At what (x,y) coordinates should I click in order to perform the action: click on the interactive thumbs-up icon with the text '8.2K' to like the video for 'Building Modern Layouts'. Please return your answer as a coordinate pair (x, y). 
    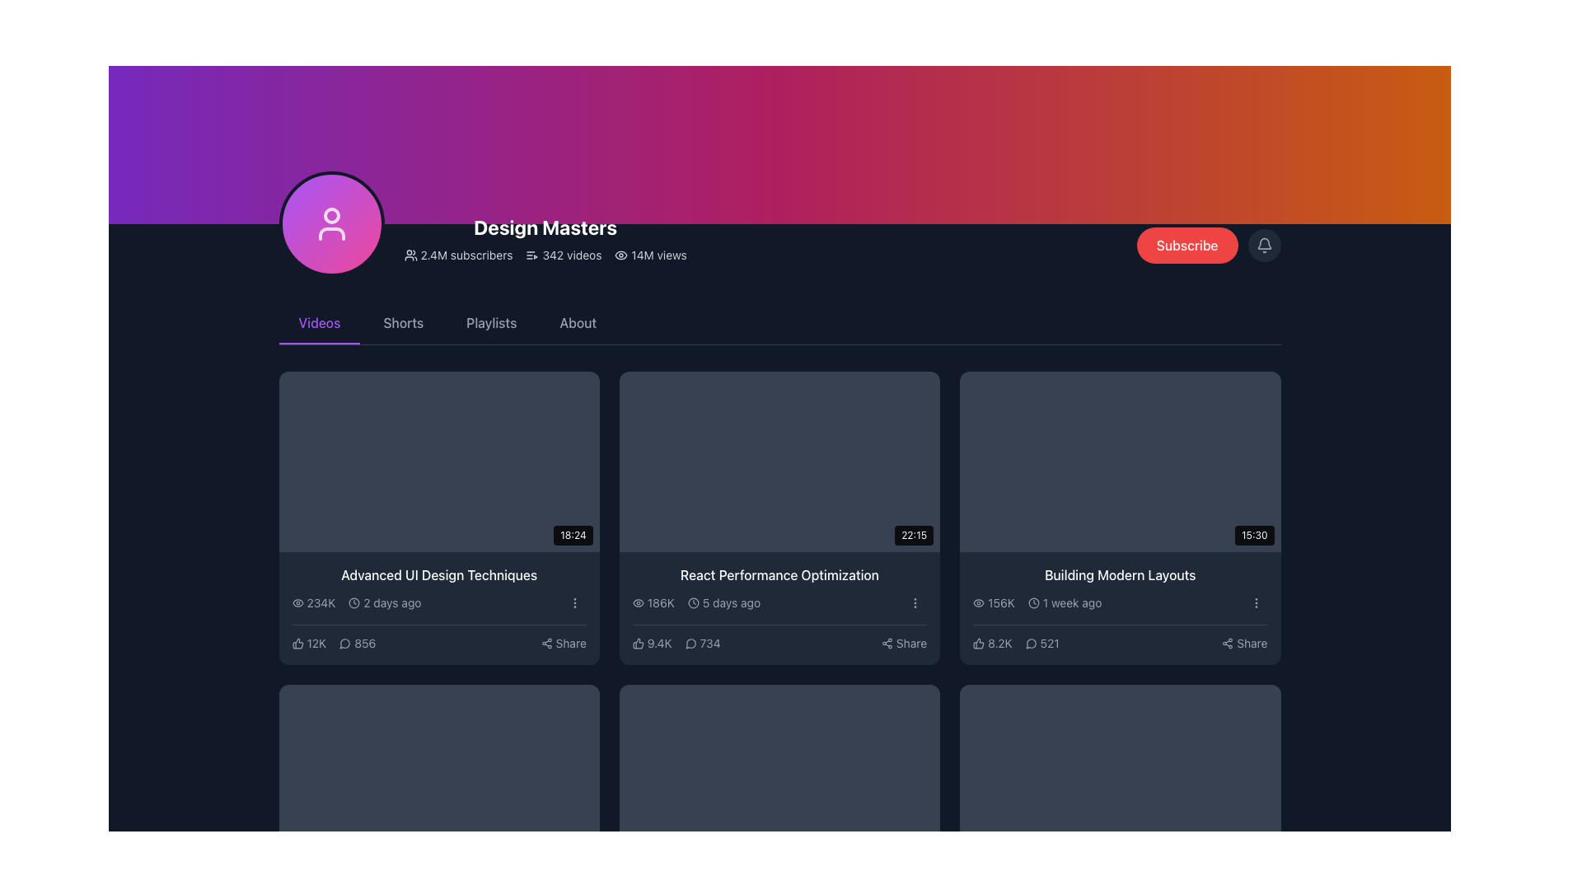
    Looking at the image, I should click on (991, 642).